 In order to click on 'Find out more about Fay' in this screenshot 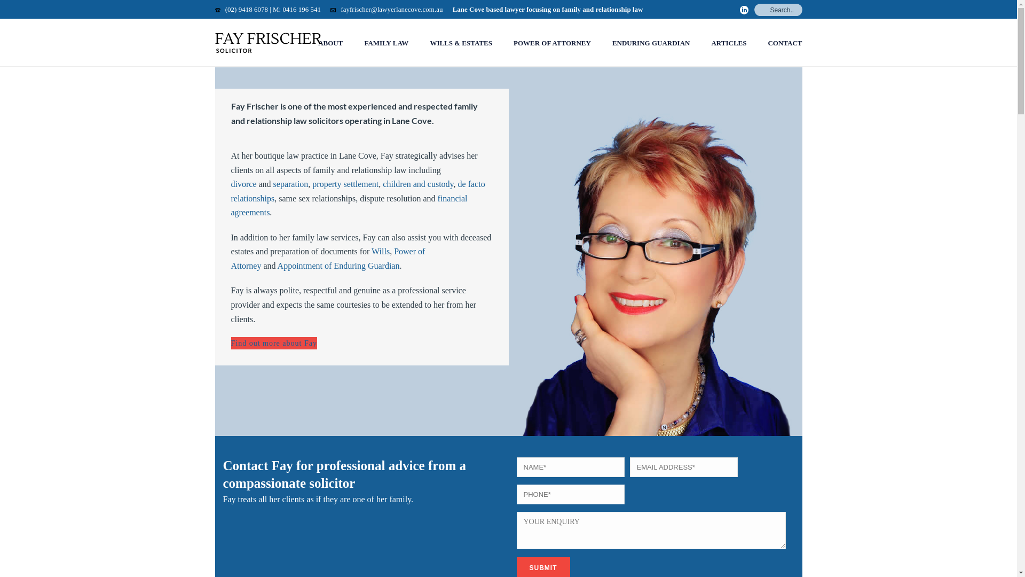, I will do `click(273, 343)`.